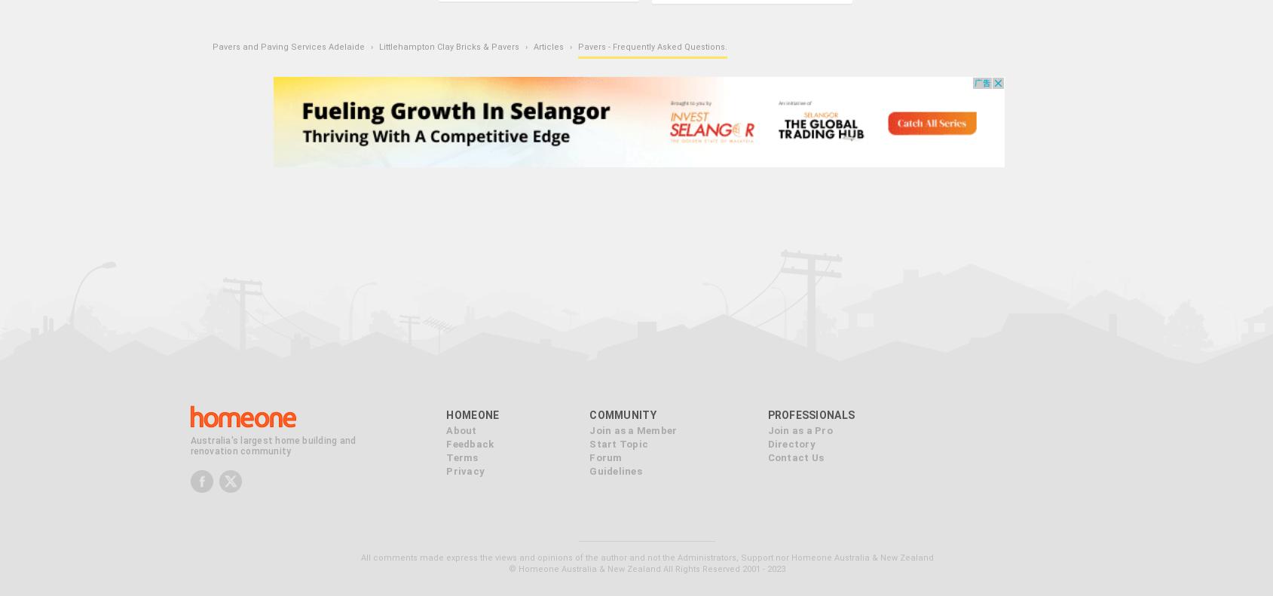 The width and height of the screenshot is (1273, 596). What do you see at coordinates (240, 449) in the screenshot?
I see `'renovation community'` at bounding box center [240, 449].